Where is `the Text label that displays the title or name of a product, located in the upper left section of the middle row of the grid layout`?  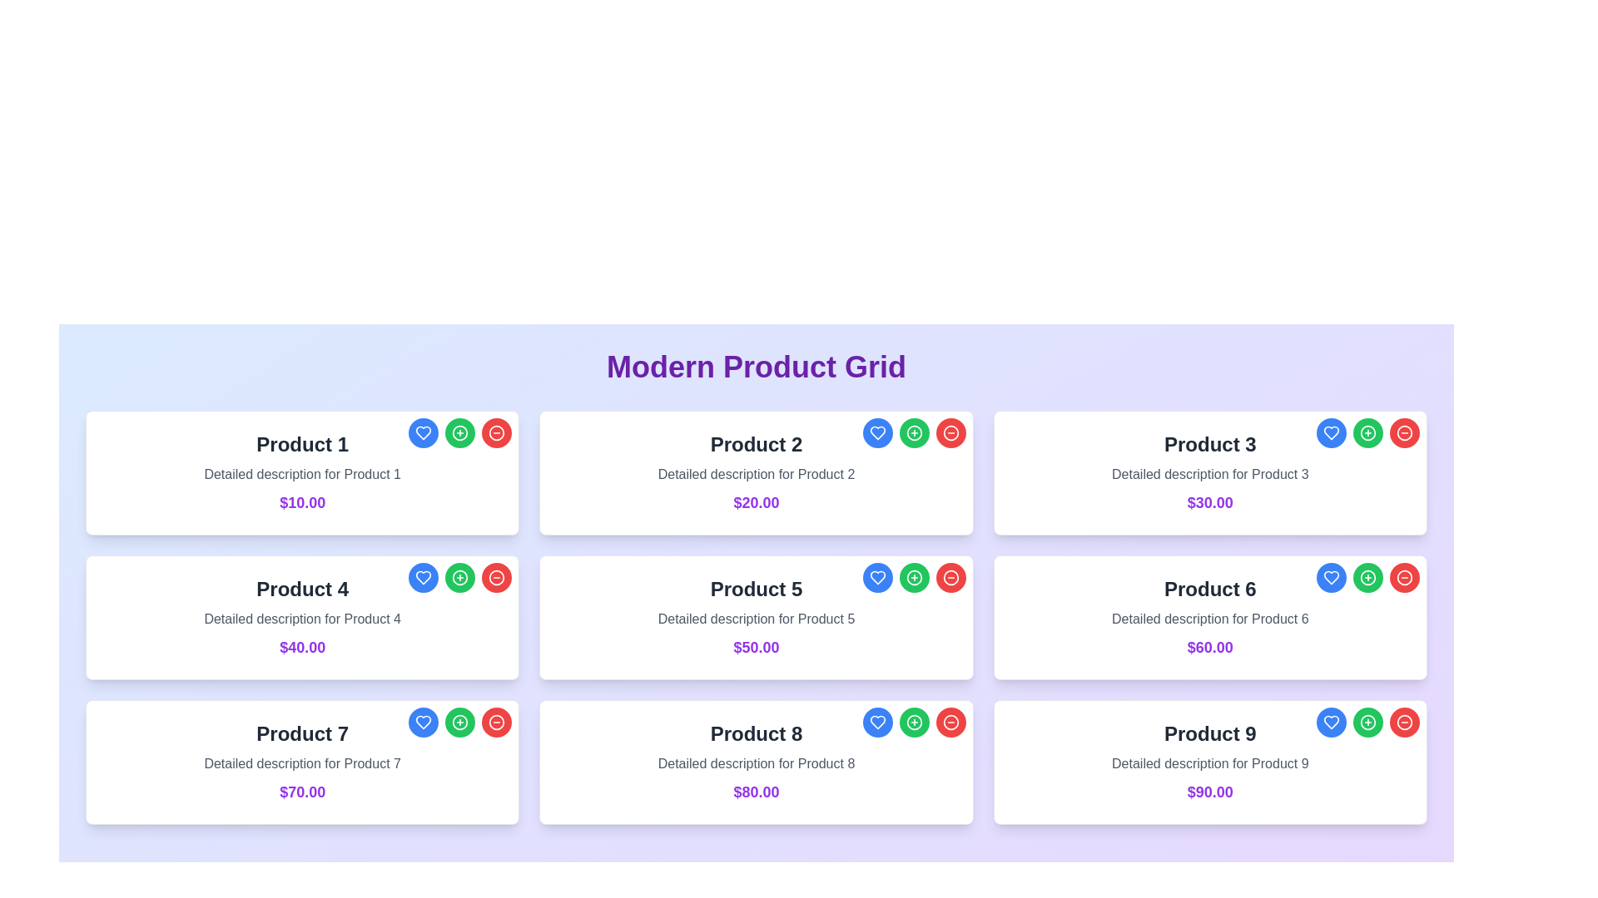
the Text label that displays the title or name of a product, located in the upper left section of the middle row of the grid layout is located at coordinates (302, 589).